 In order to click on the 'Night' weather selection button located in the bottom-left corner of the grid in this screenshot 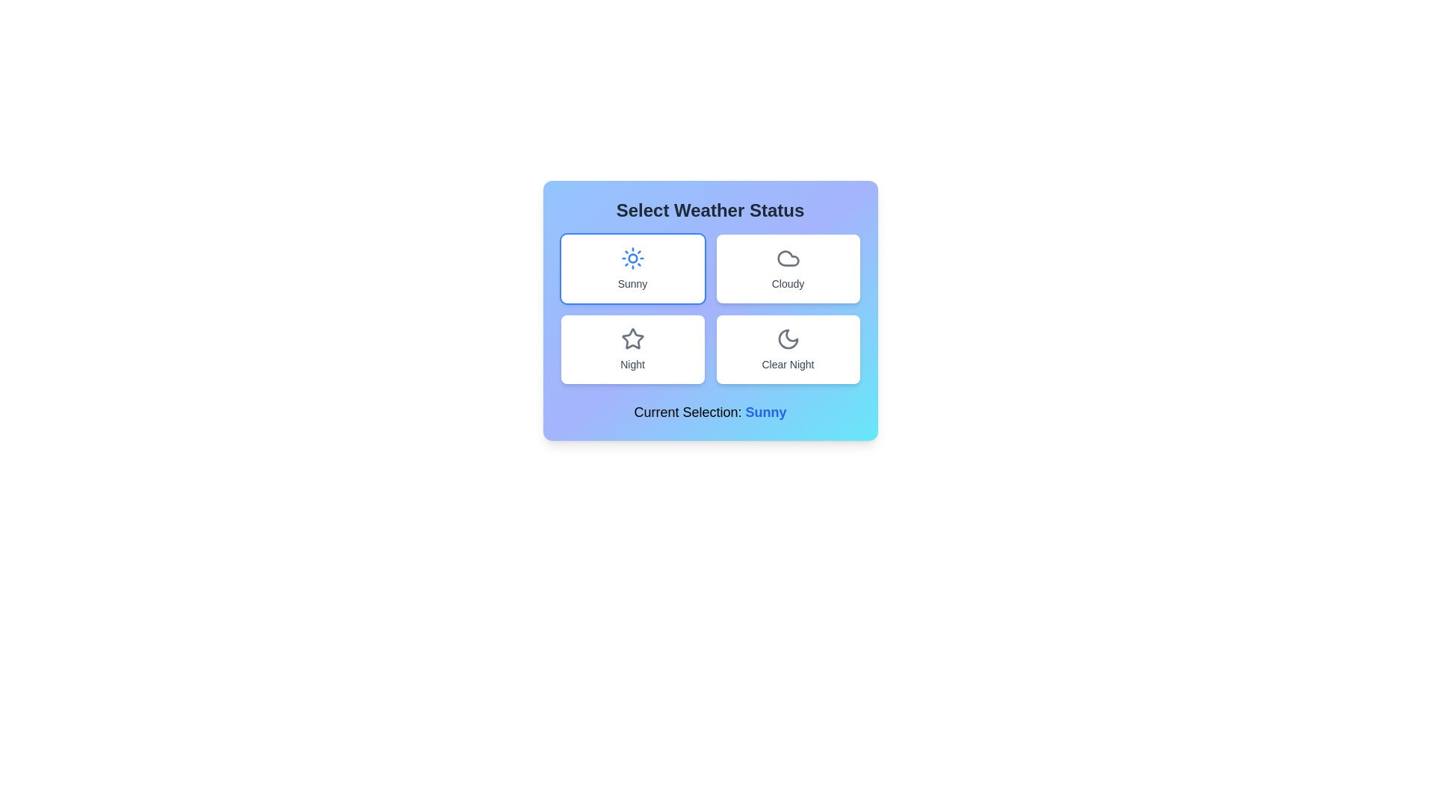, I will do `click(632, 349)`.